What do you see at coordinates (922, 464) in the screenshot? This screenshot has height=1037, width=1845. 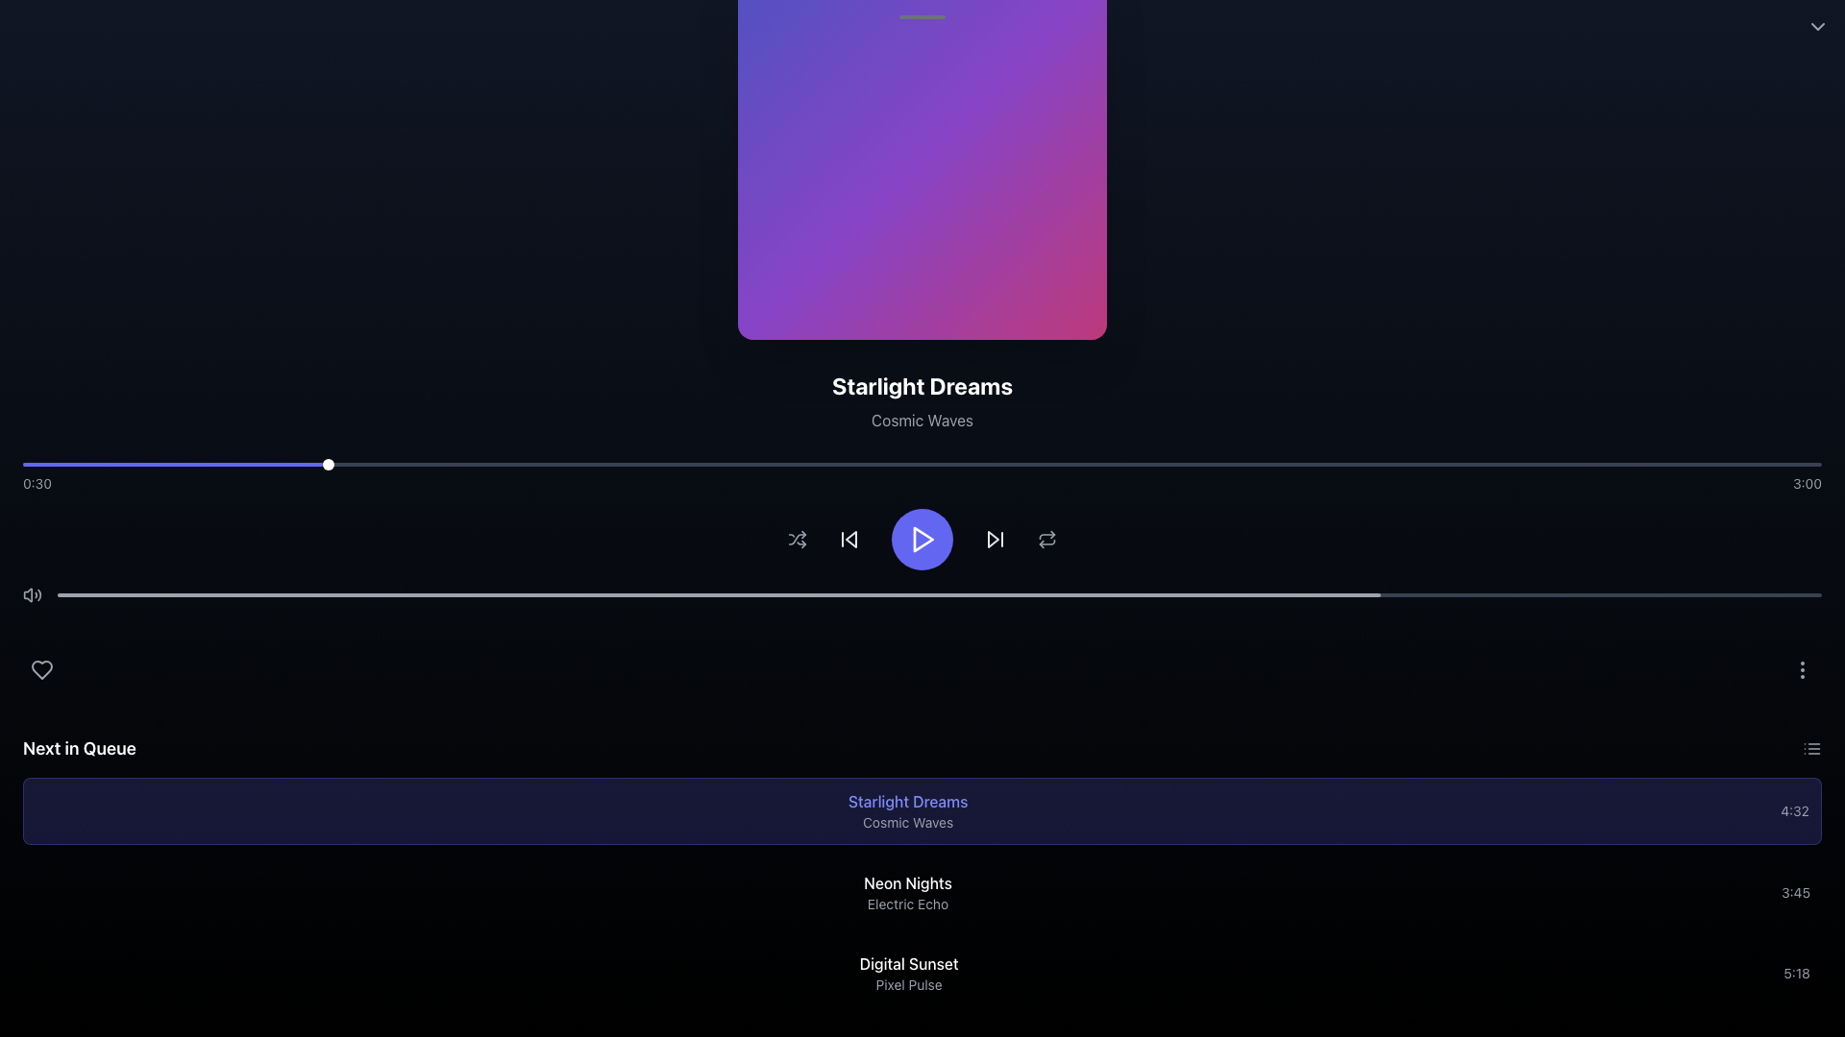 I see `playback position` at bounding box center [922, 464].